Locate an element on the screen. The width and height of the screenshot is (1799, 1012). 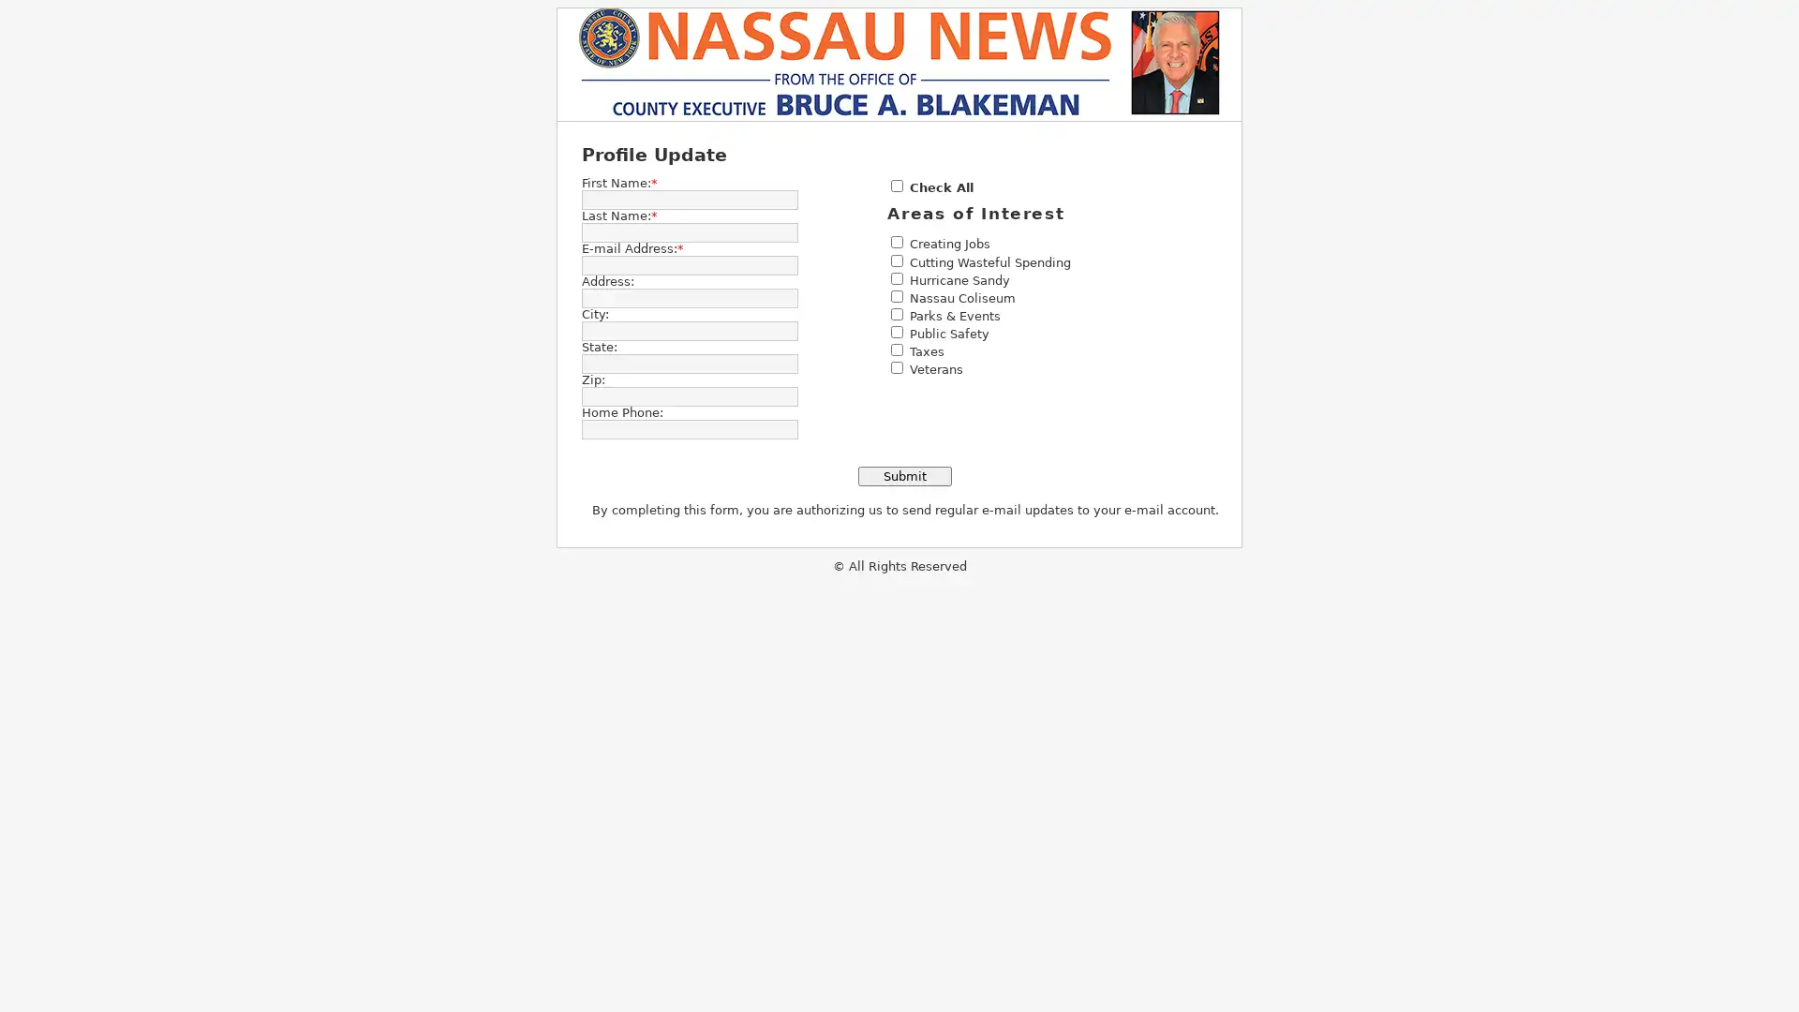
Submit is located at coordinates (904, 474).